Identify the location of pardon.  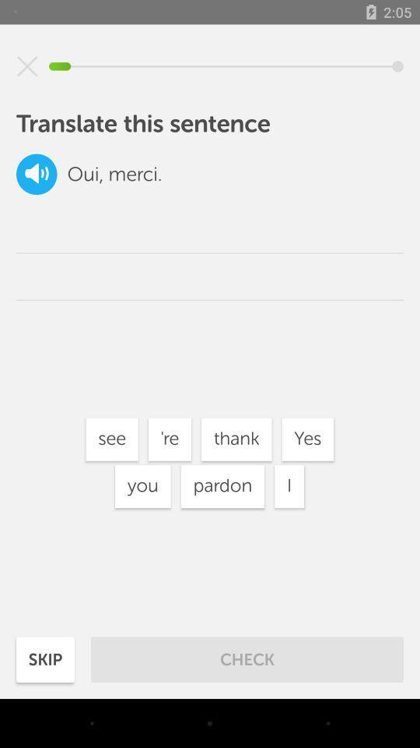
(222, 485).